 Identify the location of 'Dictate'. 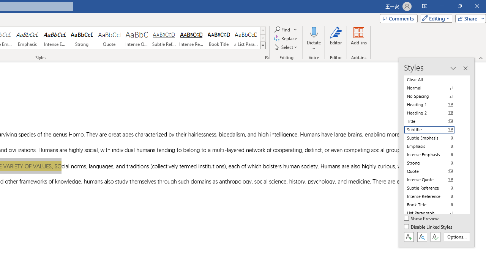
(314, 39).